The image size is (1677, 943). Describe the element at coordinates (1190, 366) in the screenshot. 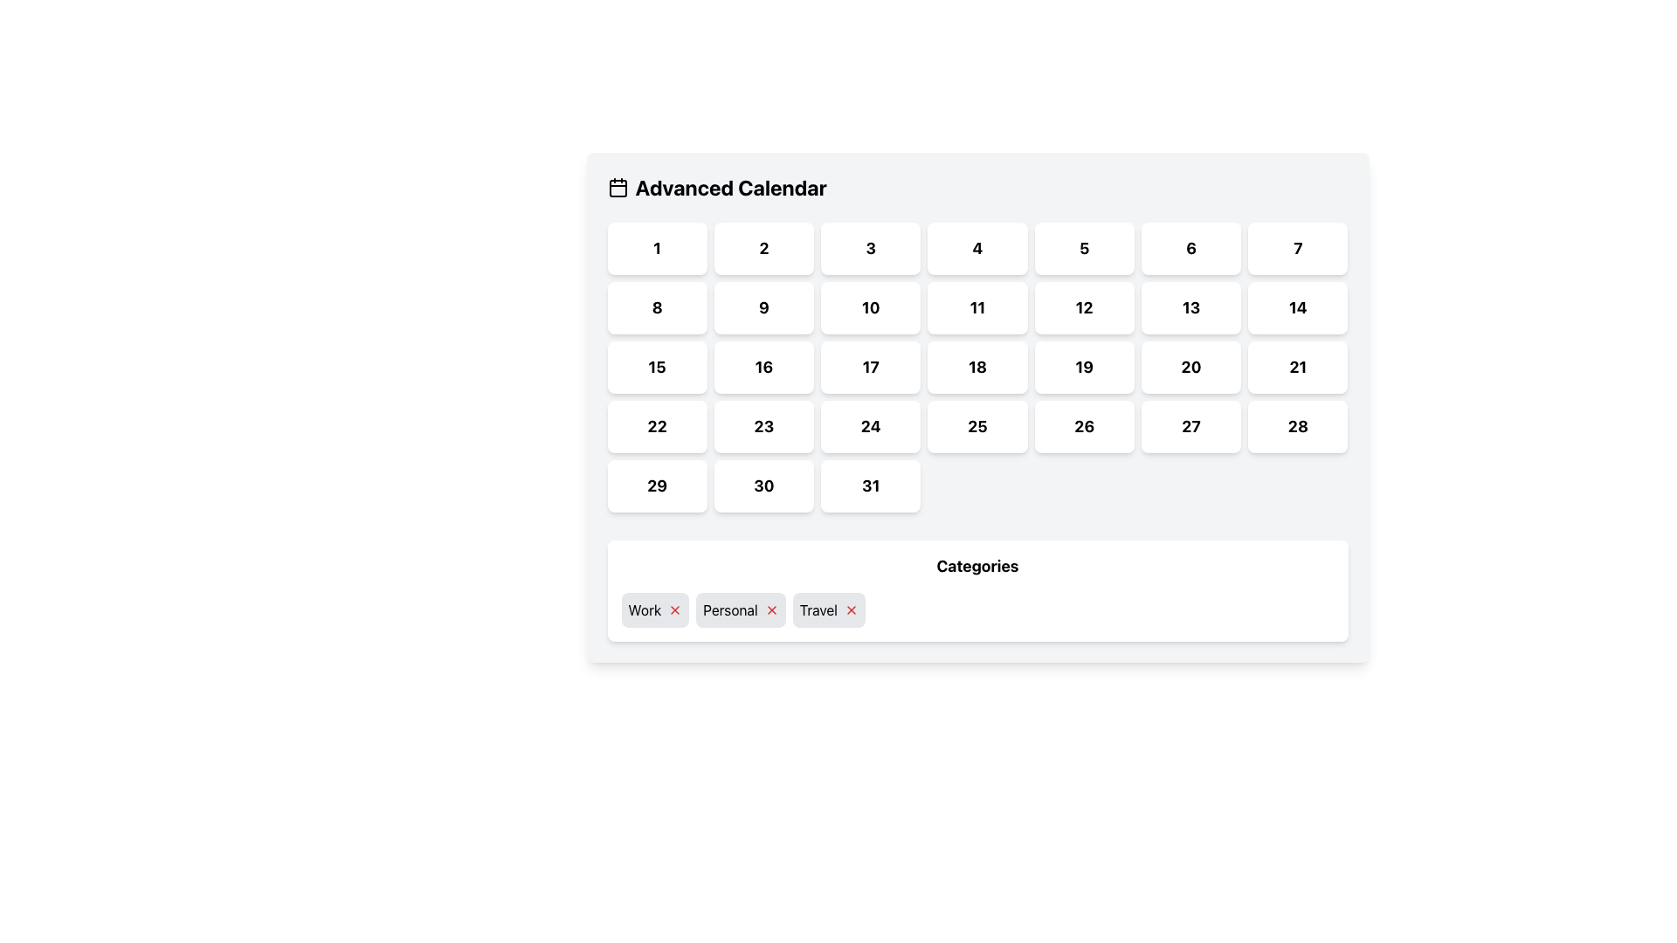

I see `the bold numeric text '20' within the white, rounded rectangular button in the calendar grid` at that location.